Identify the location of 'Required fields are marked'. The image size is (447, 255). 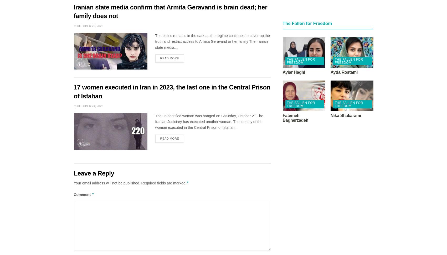
(163, 183).